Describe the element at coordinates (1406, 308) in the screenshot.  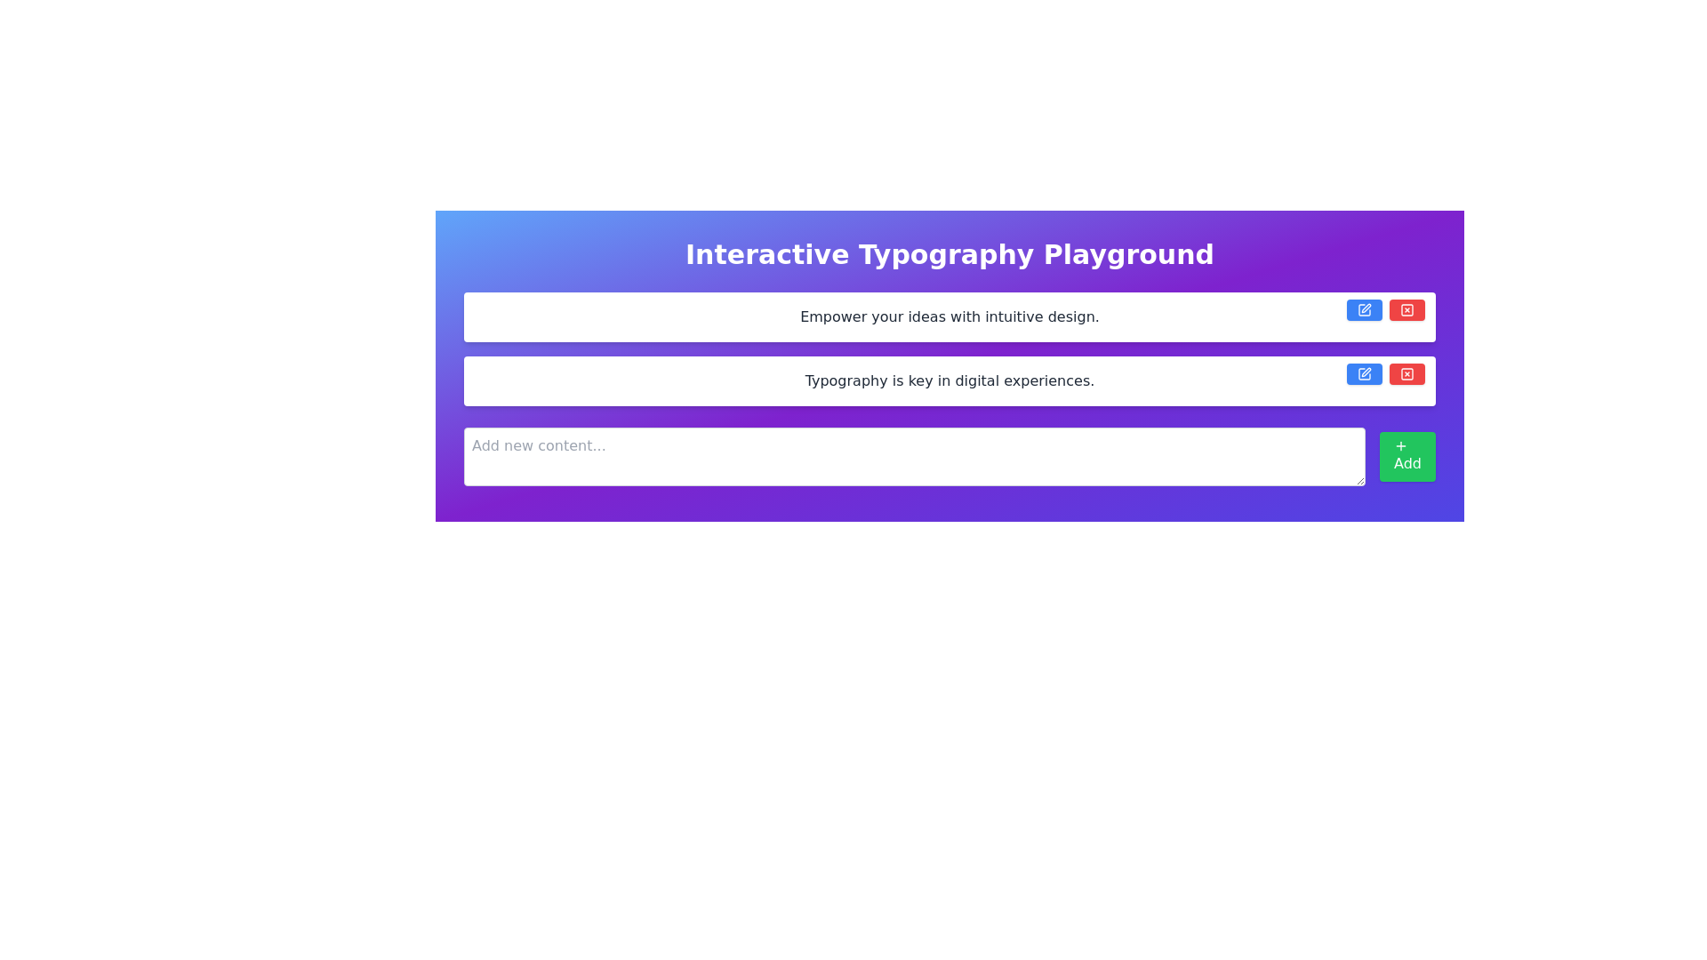
I see `the delete button located in the top-right corner of the area associated with the first input field` at that location.